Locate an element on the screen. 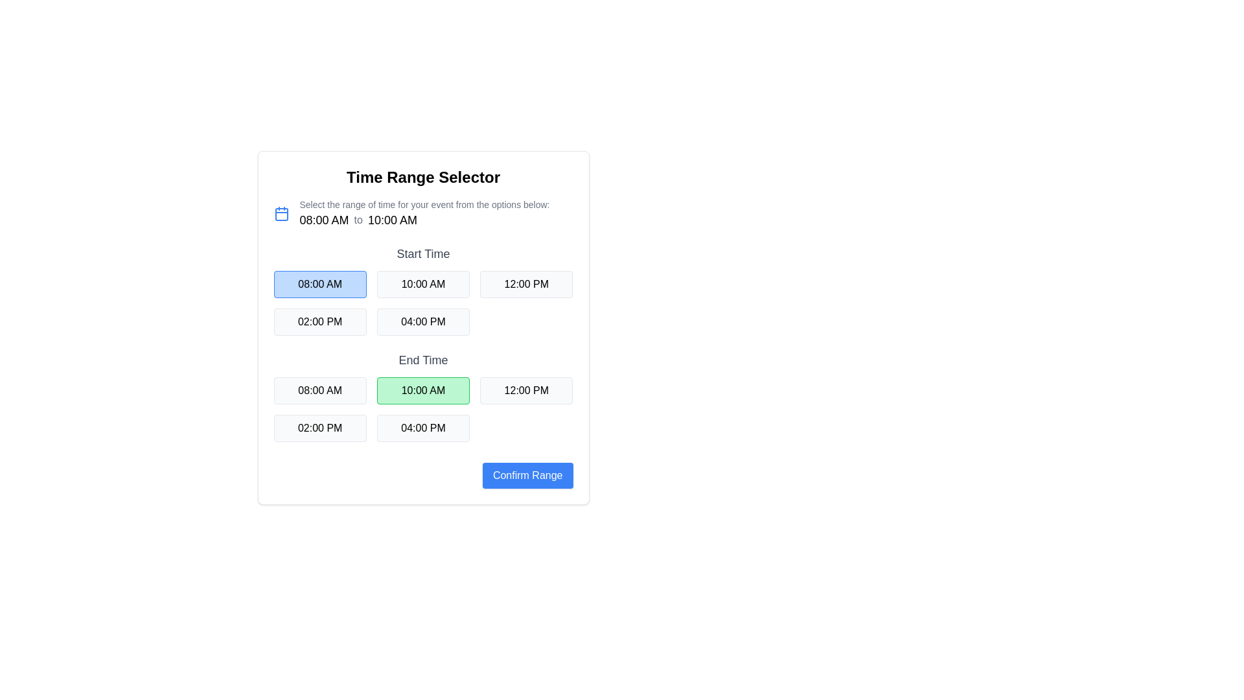 This screenshot has width=1244, height=700. the starting time text element that precedes 'to' and '10:00 AM' within the Time Range Selector interface is located at coordinates (324, 219).